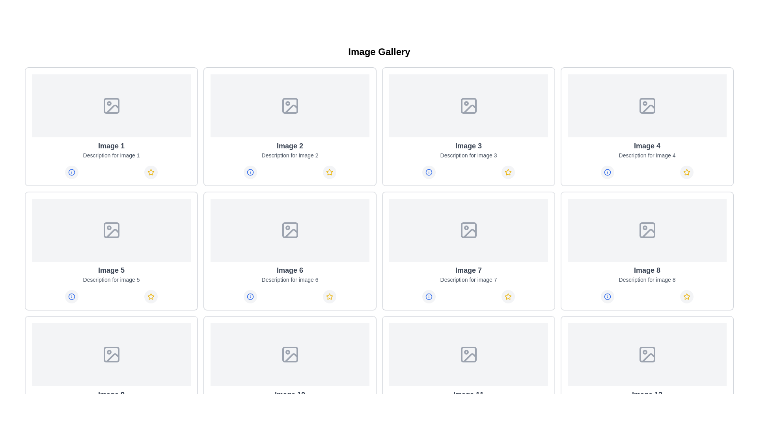  I want to click on the yellow five-pointed star icon located at the bottom-right corner of the third image card in the top row, so click(508, 172).